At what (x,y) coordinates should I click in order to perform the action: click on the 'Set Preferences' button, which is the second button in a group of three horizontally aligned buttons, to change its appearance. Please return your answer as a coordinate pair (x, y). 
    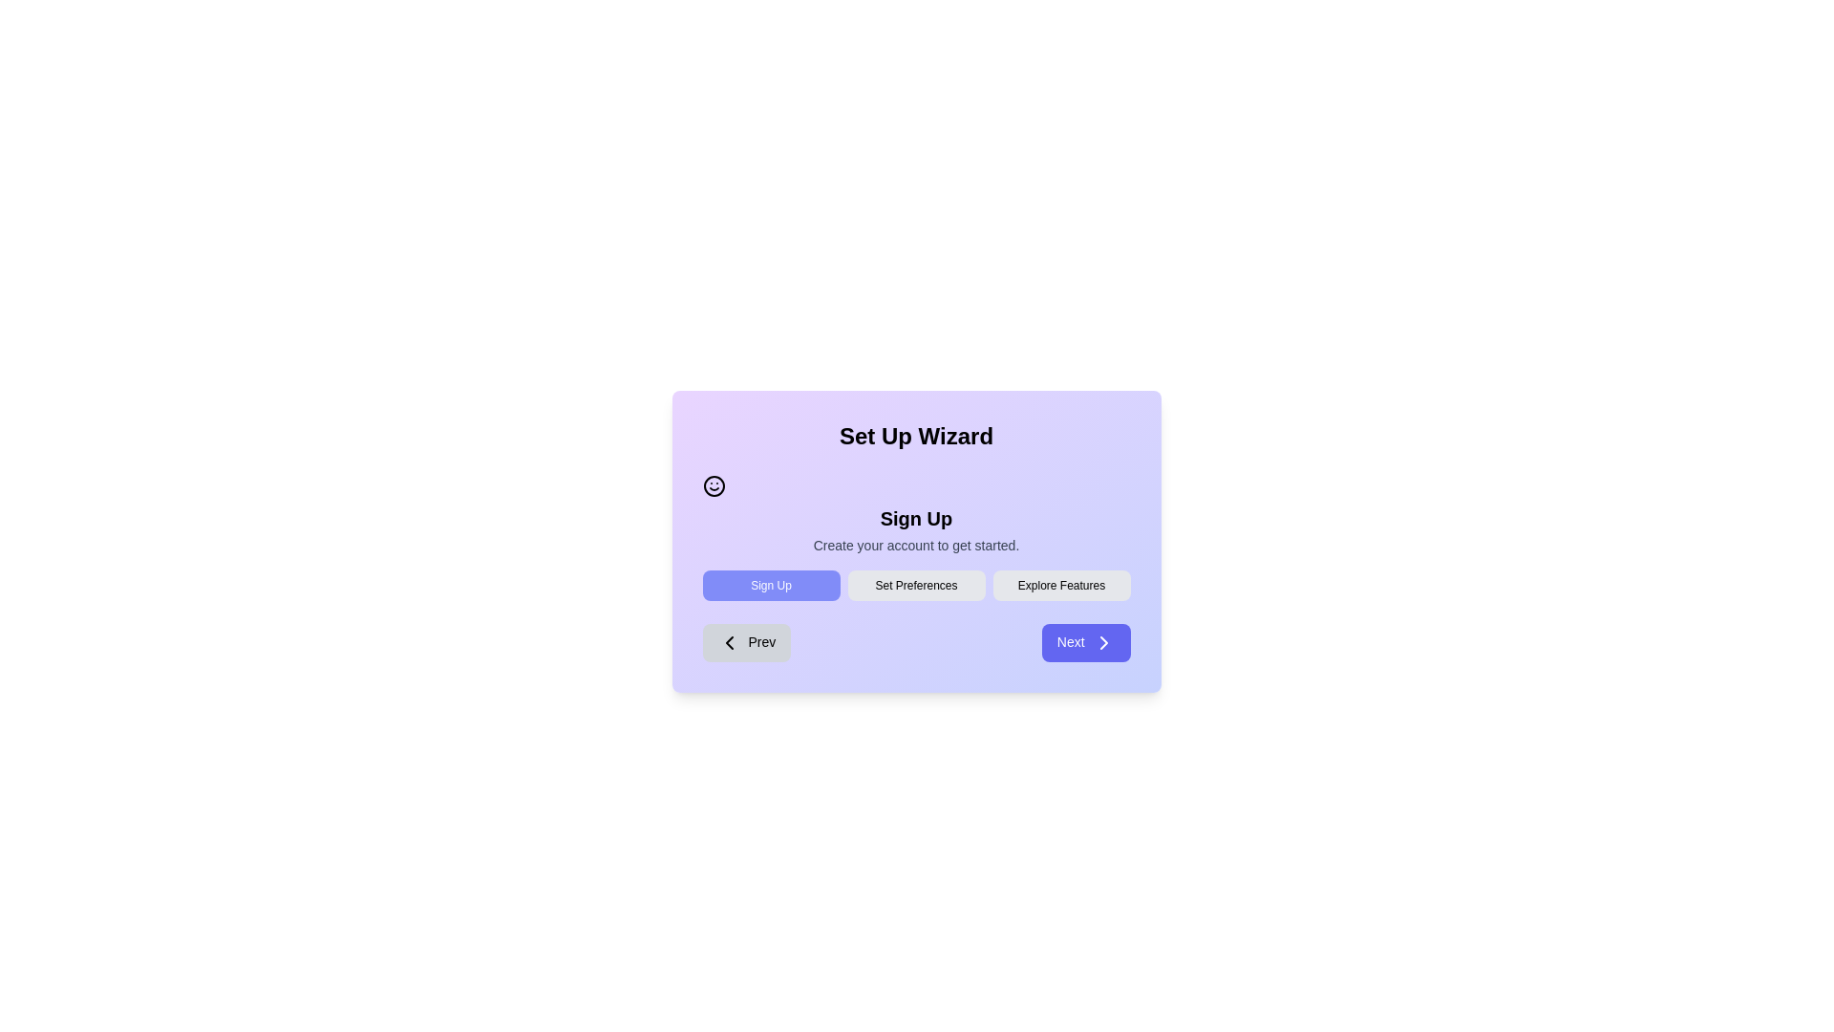
    Looking at the image, I should click on (915, 585).